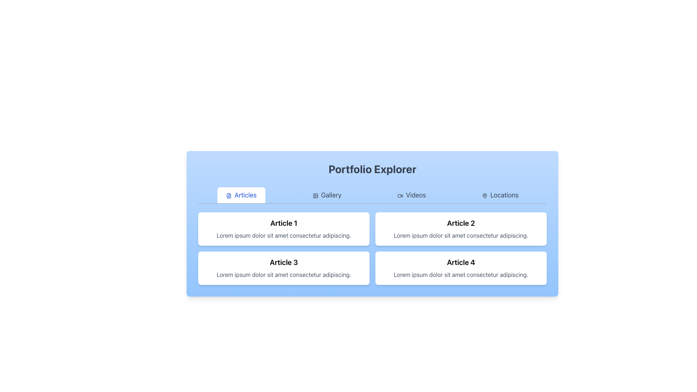 The image size is (697, 392). I want to click on the bold, large-sized text label displaying 'Article 1' located at the top of the top-left card in a grid layout, so click(284, 222).